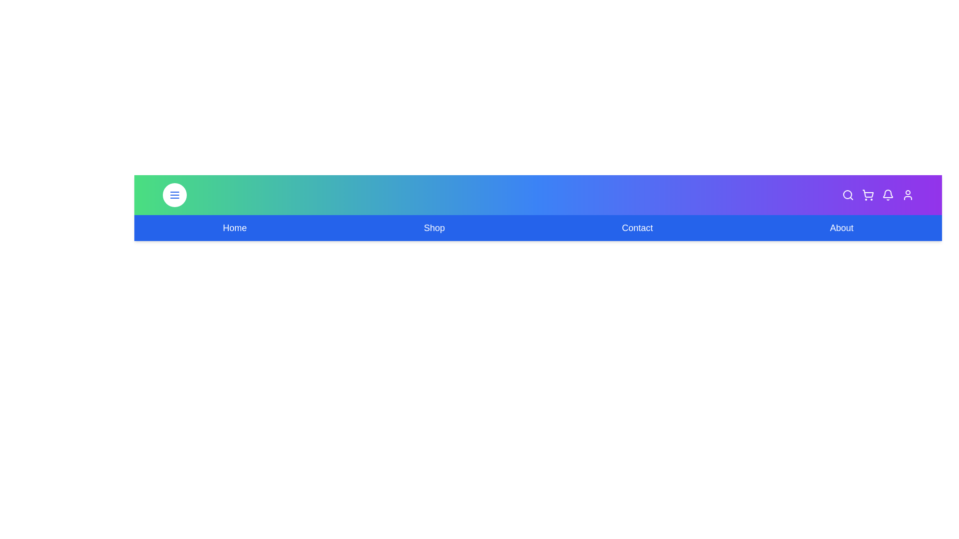 Image resolution: width=959 pixels, height=539 pixels. What do you see at coordinates (888, 195) in the screenshot?
I see `the notifications icon in the navigation bar` at bounding box center [888, 195].